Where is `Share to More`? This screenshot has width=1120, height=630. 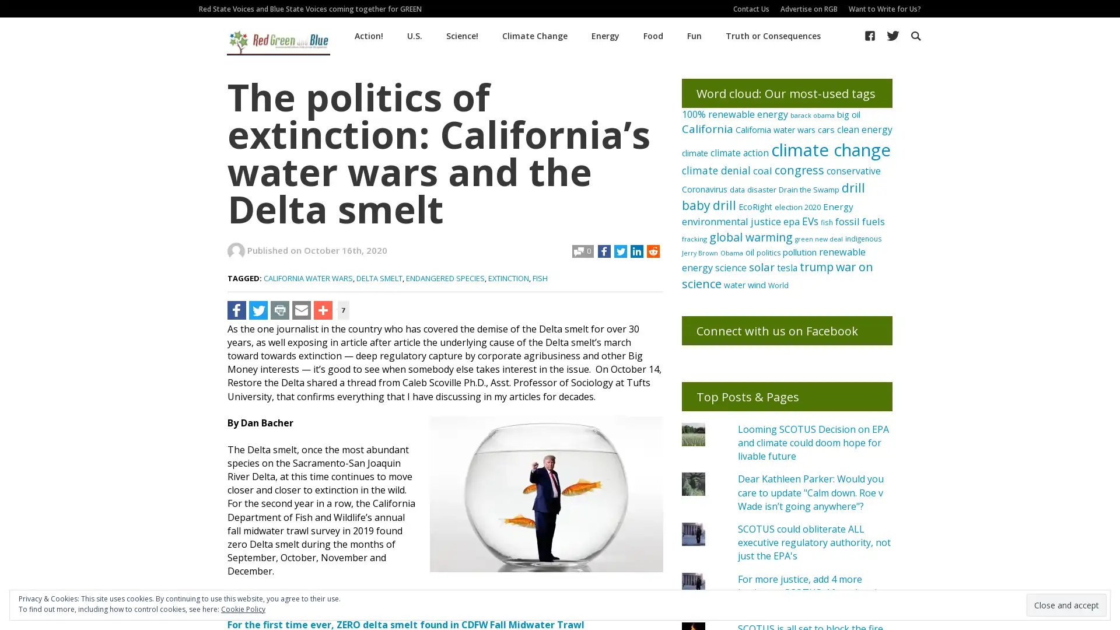
Share to More is located at coordinates (323, 309).